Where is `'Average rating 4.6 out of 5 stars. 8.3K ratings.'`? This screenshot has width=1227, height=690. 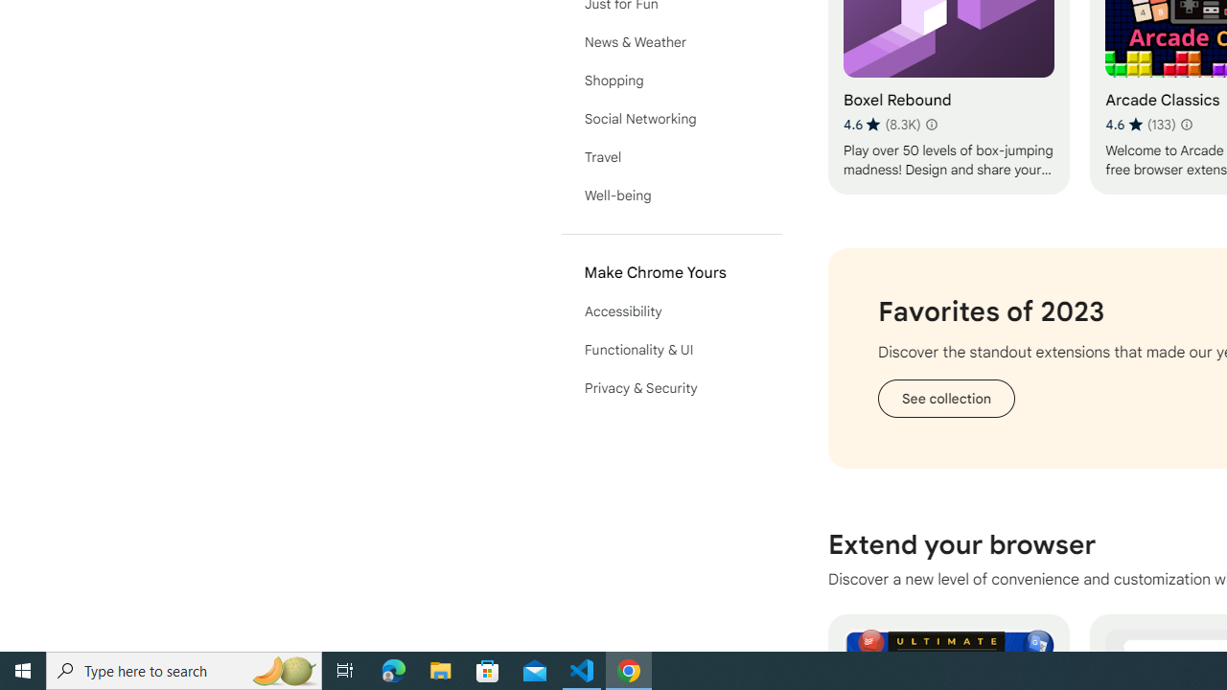 'Average rating 4.6 out of 5 stars. 8.3K ratings.' is located at coordinates (881, 124).